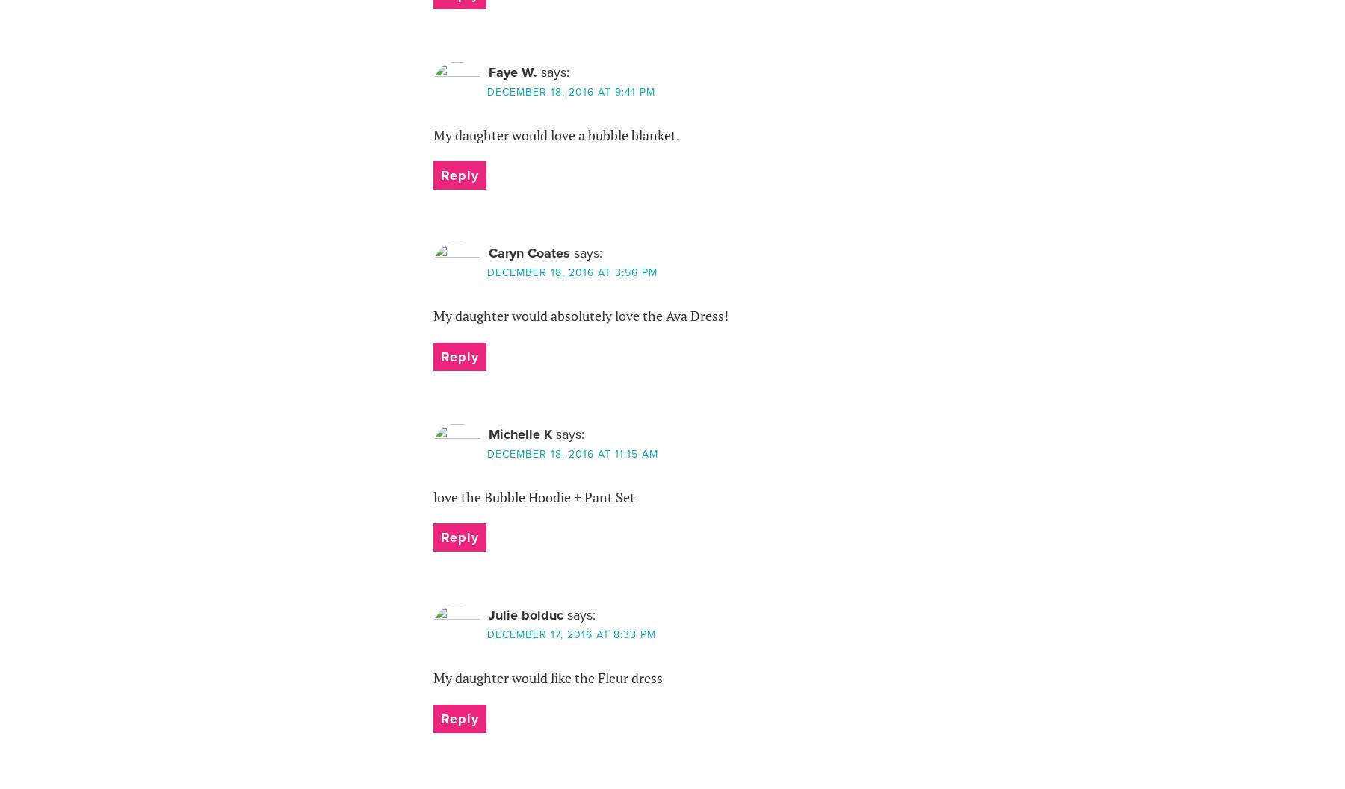 This screenshot has width=1345, height=789. Describe the element at coordinates (579, 315) in the screenshot. I see `'My daughter would absolutely love the Ava Dress!'` at that location.